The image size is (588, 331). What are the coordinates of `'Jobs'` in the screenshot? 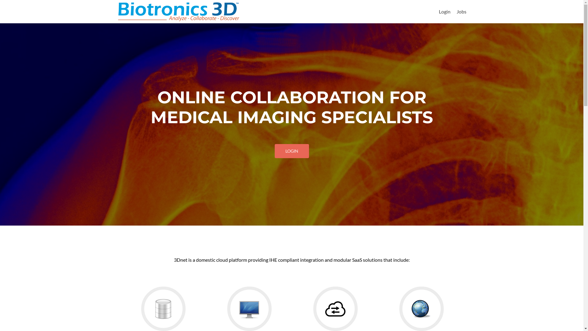 It's located at (461, 11).